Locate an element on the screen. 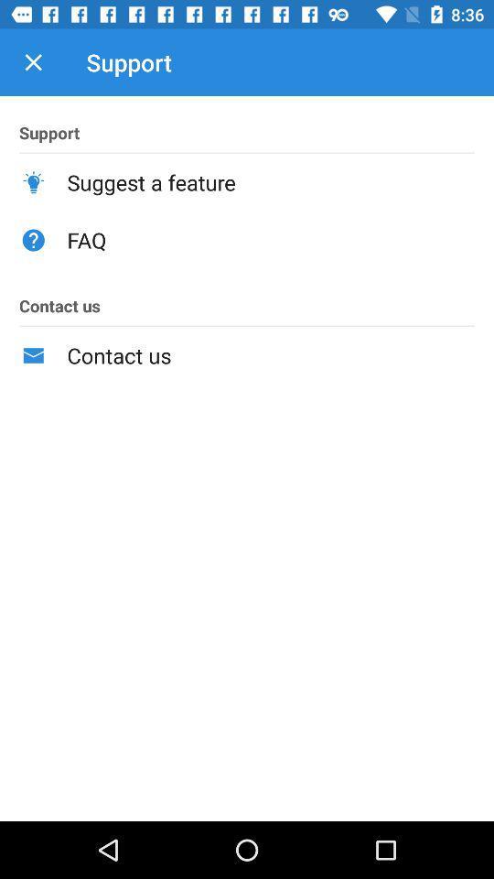  item above the contact us is located at coordinates (270, 239).